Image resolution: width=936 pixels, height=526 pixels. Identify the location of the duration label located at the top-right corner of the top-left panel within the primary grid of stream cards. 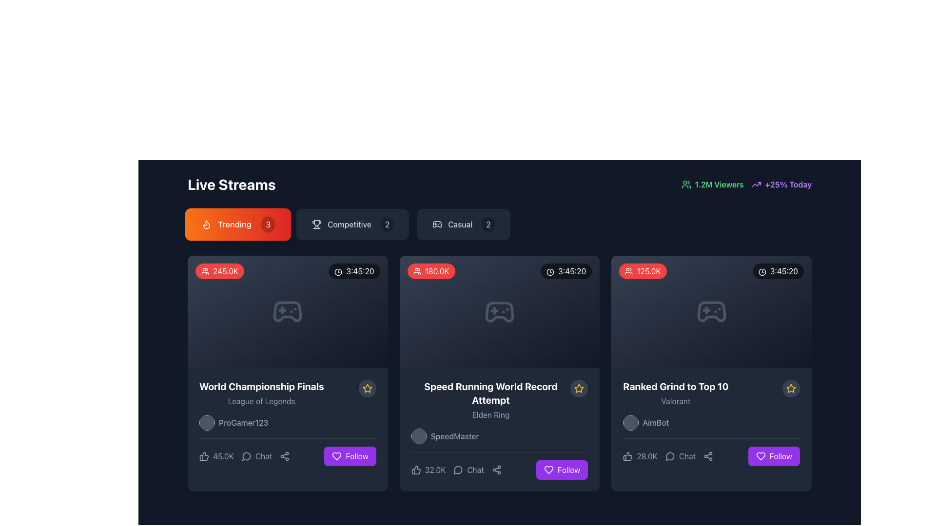
(353, 271).